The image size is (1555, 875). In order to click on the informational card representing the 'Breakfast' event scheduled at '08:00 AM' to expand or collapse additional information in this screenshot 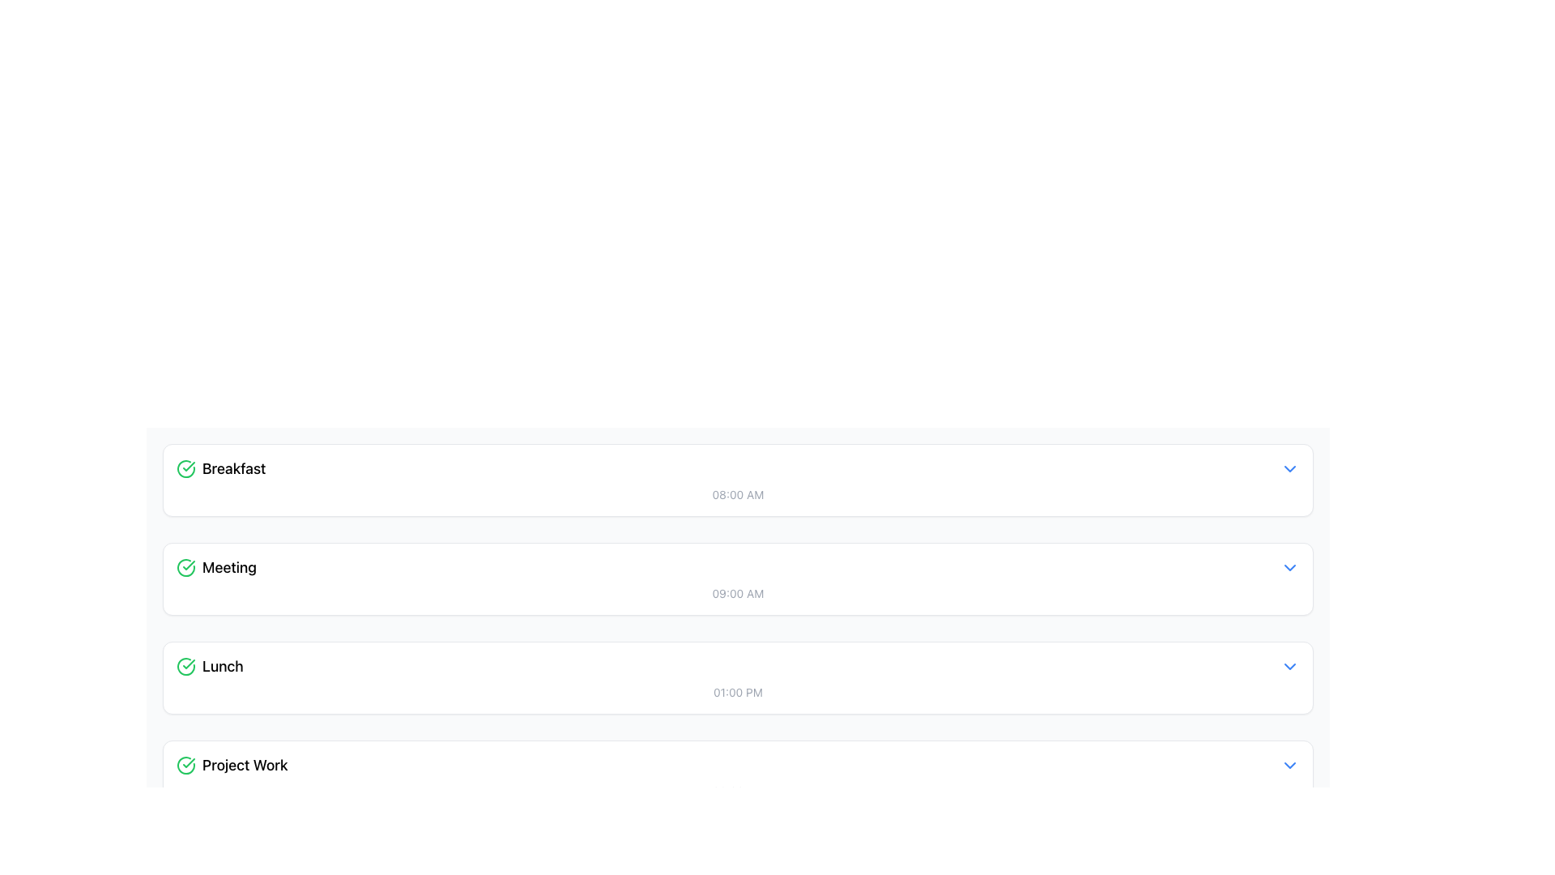, I will do `click(737, 480)`.